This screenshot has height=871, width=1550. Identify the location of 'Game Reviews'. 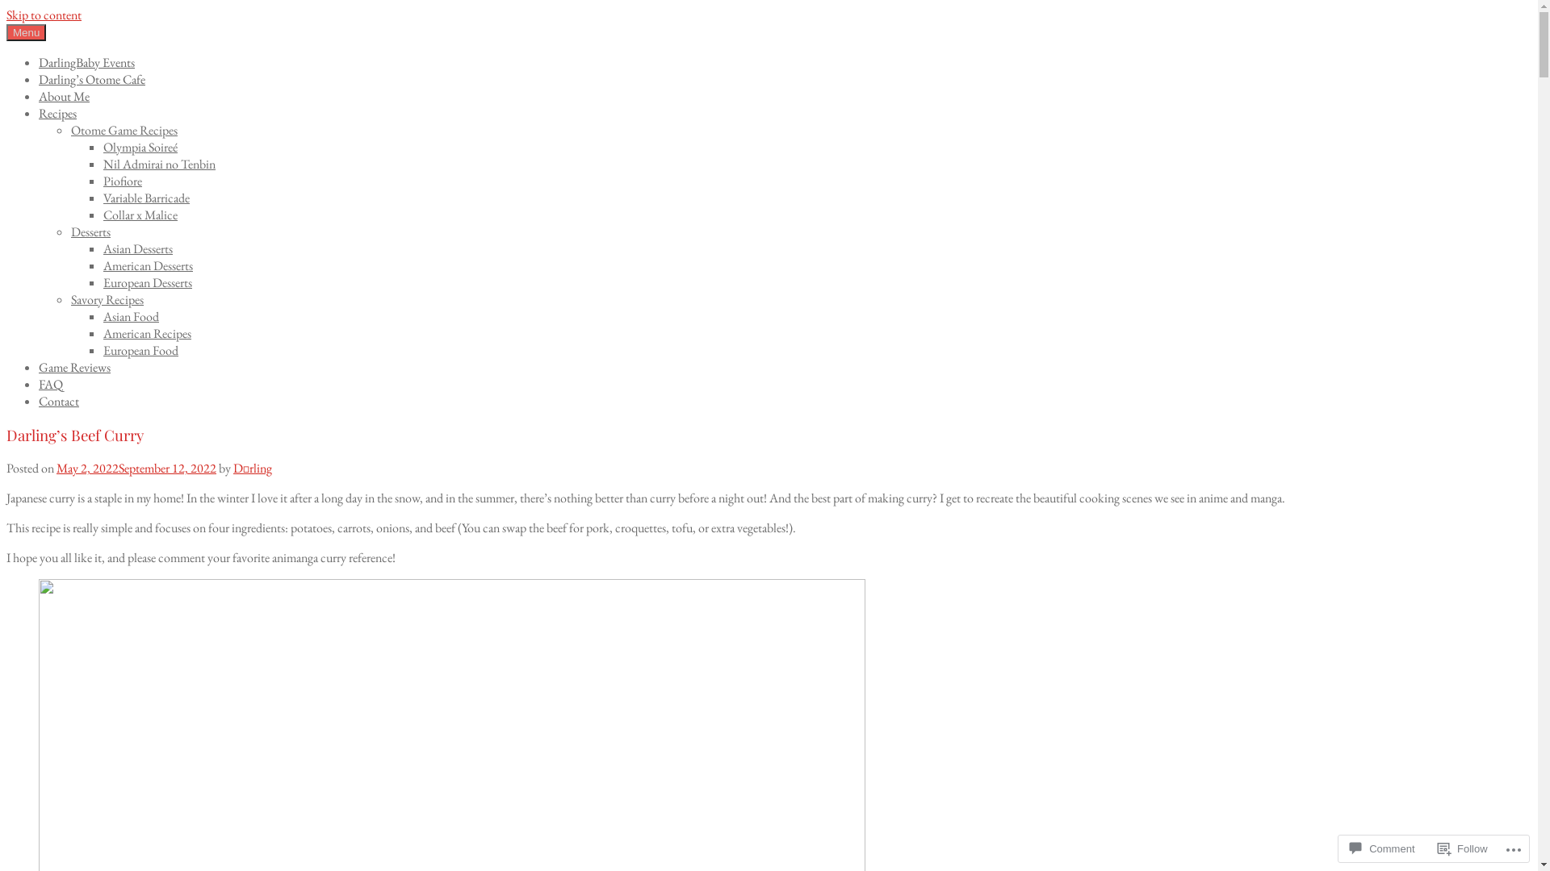
(73, 367).